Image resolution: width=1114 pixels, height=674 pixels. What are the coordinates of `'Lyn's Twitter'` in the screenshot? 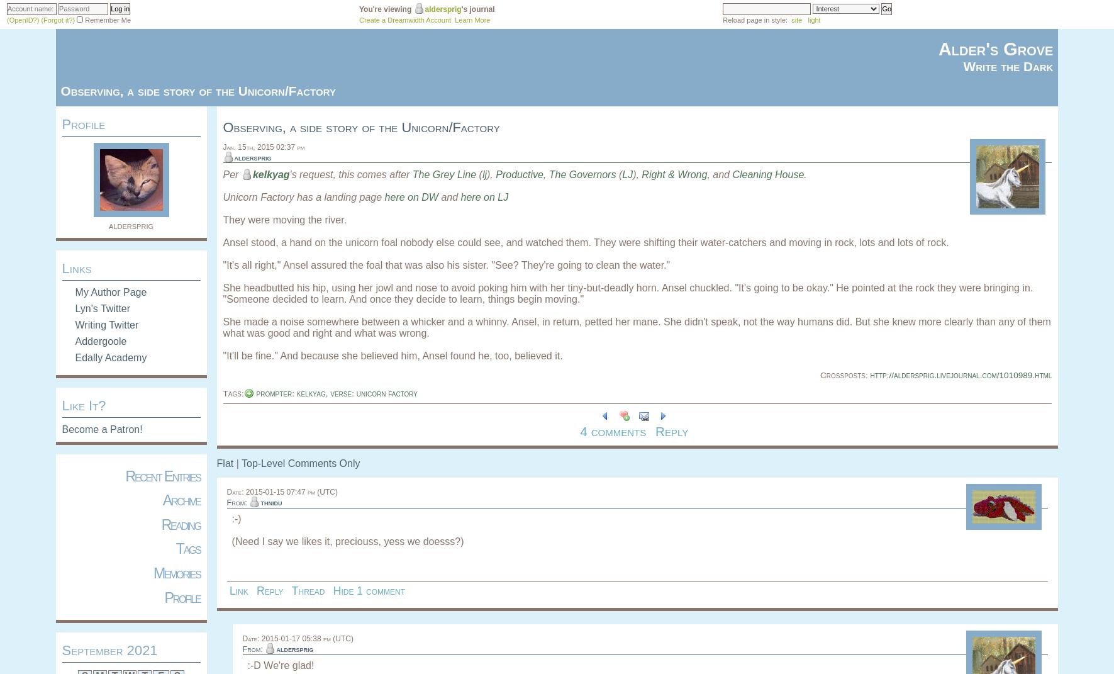 It's located at (102, 308).